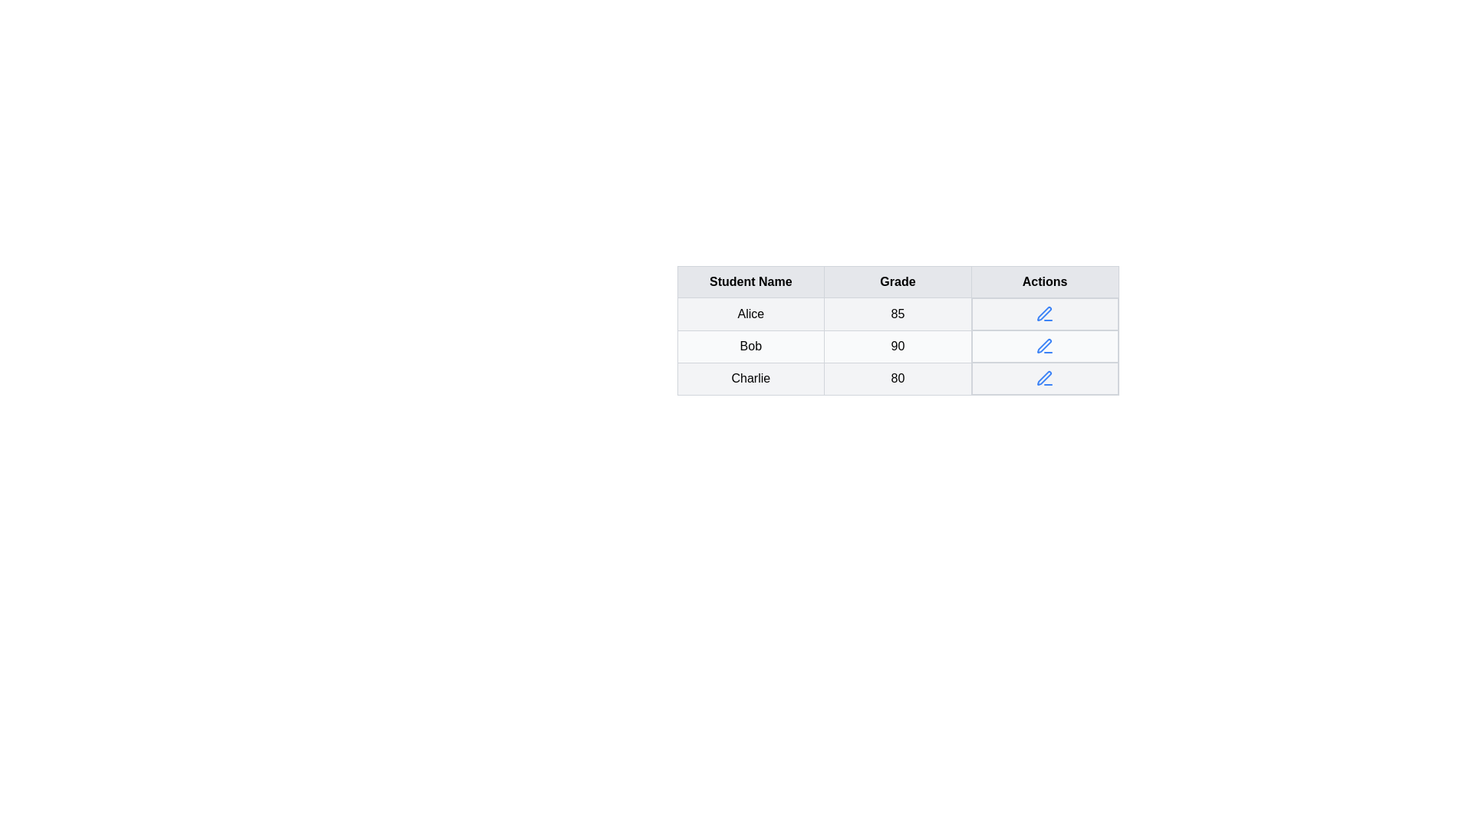 This screenshot has height=828, width=1473. Describe the element at coordinates (1044, 313) in the screenshot. I see `the cancel button to cancel the ongoing edit operation` at that location.